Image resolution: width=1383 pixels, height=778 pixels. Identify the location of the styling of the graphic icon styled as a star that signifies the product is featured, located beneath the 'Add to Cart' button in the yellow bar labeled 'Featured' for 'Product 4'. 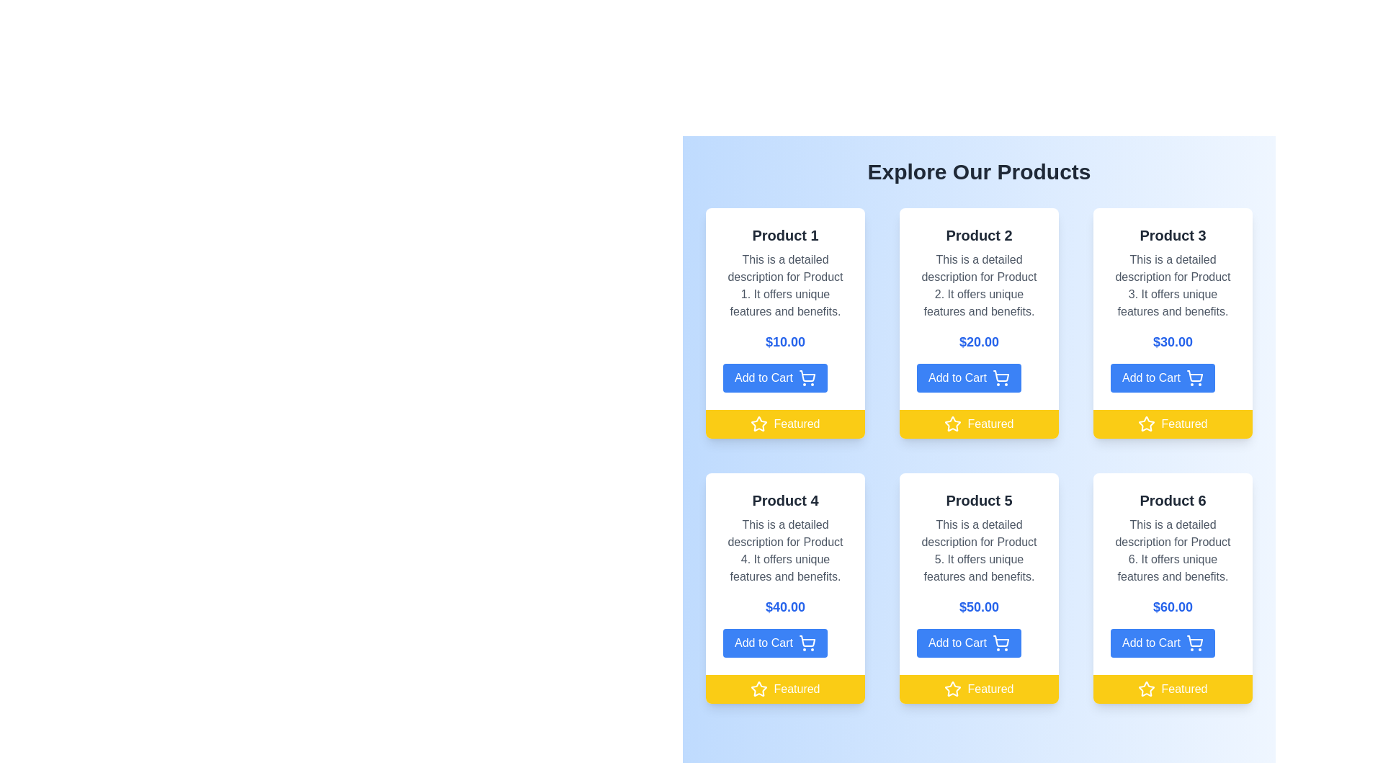
(758, 688).